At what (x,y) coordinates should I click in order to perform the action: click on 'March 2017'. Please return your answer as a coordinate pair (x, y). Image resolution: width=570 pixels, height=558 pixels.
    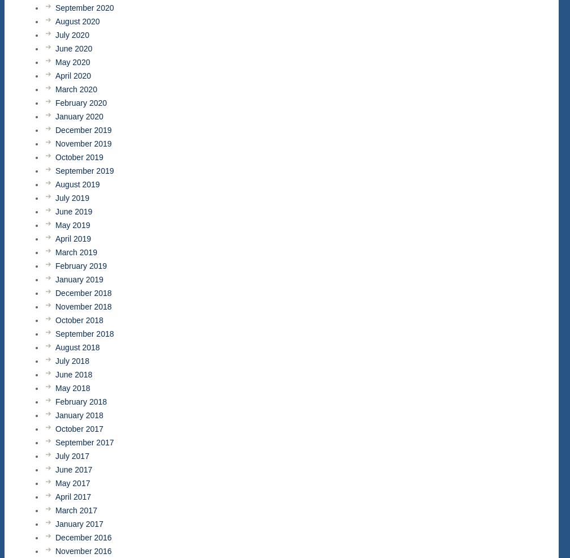
    Looking at the image, I should click on (76, 509).